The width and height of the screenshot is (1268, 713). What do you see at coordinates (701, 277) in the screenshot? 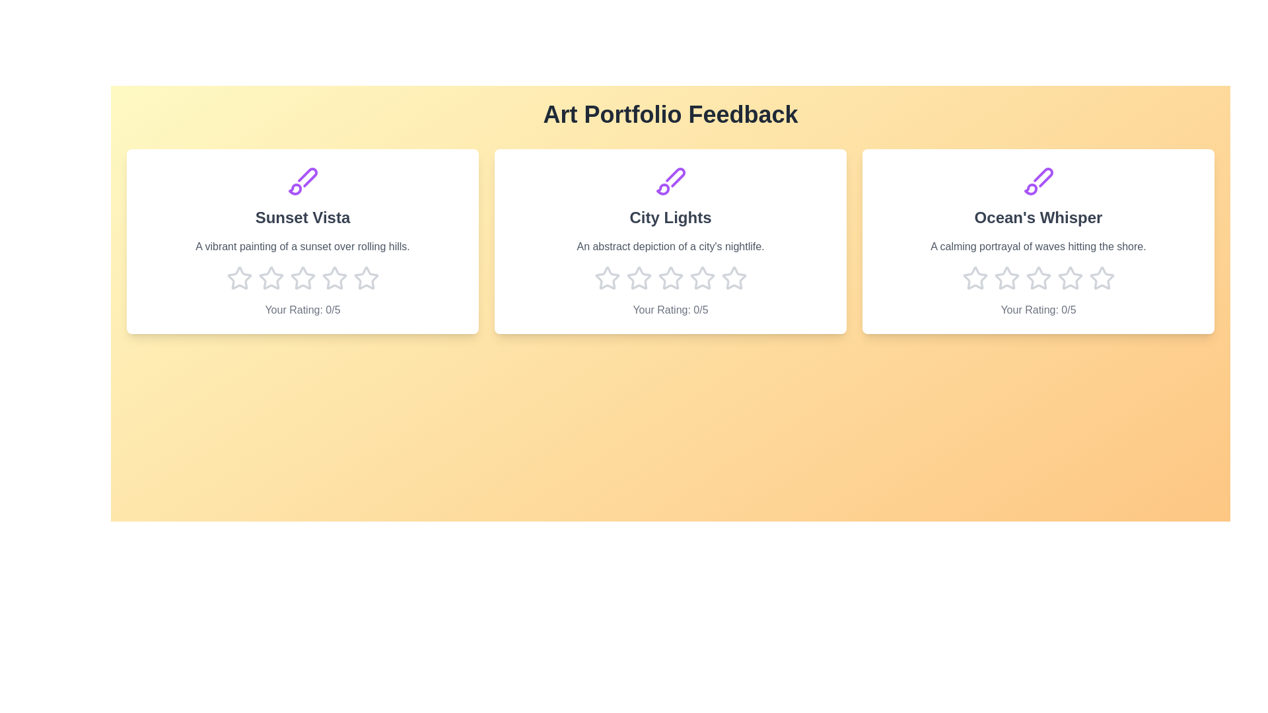
I see `the star corresponding to 4 stars for the artwork titled 'City Lights'` at bounding box center [701, 277].